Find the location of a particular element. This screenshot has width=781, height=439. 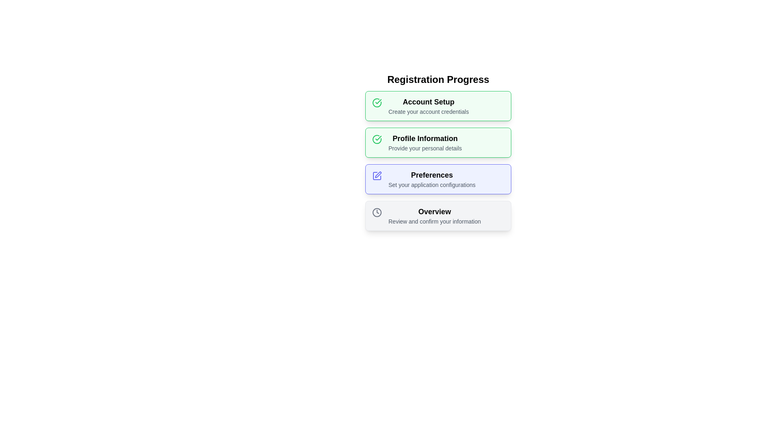

the clock icon with a circular border and clock hands, which is located to the left of the 'Overview' text in the fourth step of the 'Registration Progress' interface is located at coordinates (376, 212).